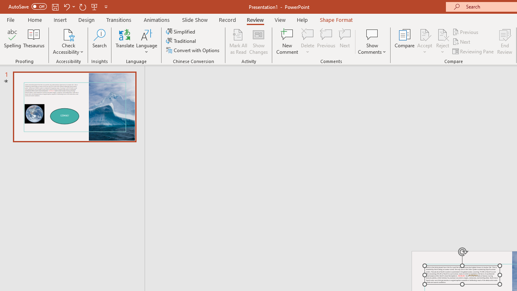 This screenshot has height=291, width=517. I want to click on 'New Comment', so click(287, 42).